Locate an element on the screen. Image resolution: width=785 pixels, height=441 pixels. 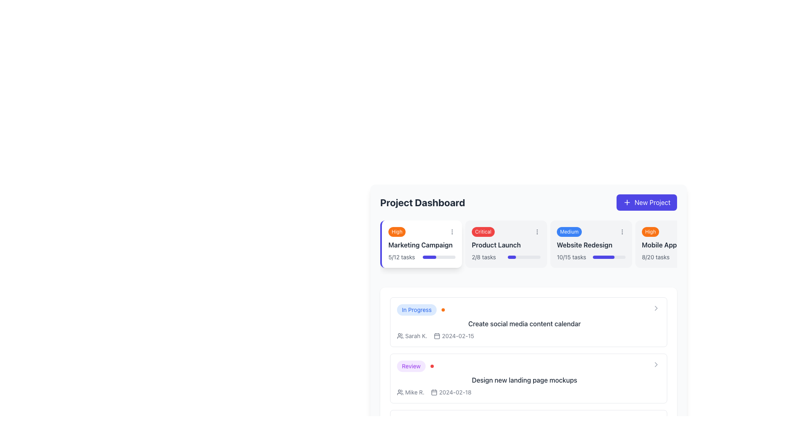
the Progress Bar Segment that visually represents the progress of a task or project within the progress bar UI component on the dashboard is located at coordinates (429, 256).